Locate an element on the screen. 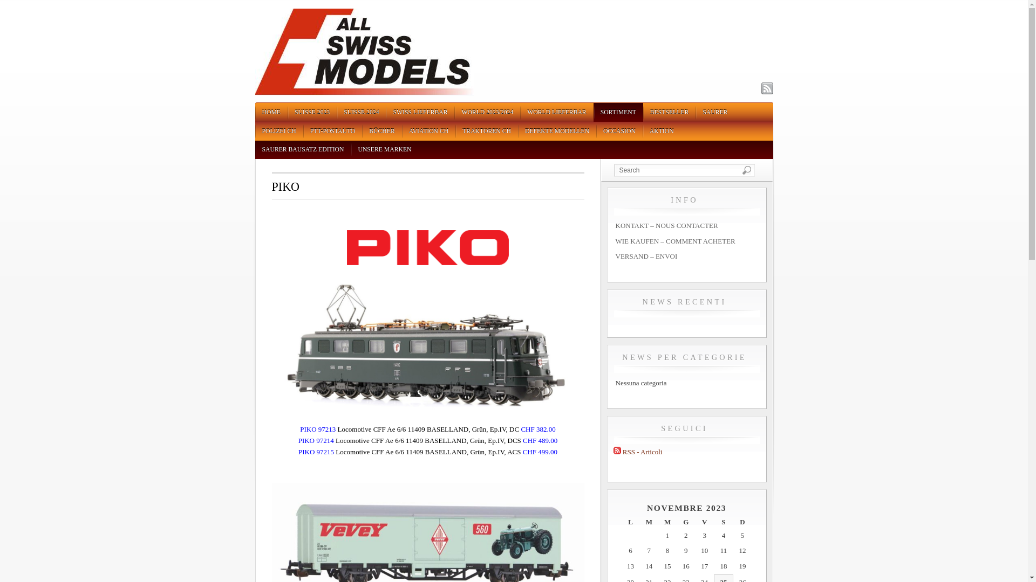 The height and width of the screenshot is (582, 1036). 'HOME' is located at coordinates (271, 112).